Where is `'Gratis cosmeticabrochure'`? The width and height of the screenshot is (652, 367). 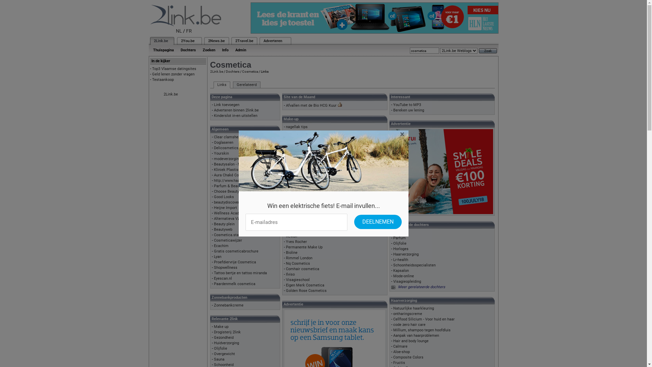 'Gratis cosmeticabrochure' is located at coordinates (236, 251).